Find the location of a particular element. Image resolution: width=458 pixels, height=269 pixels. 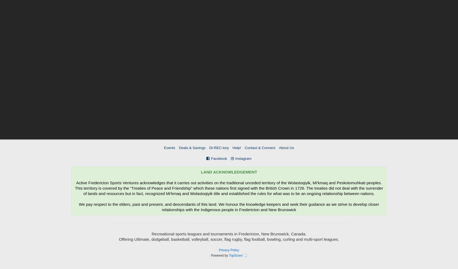

'We pay respect to the elders, past and present, and descendants of this land. We honour the knowledge keepers and seek their guidance as we strive to develop closer relationships with the Indigenous people in Fredericton and New Brunswick' is located at coordinates (228, 207).